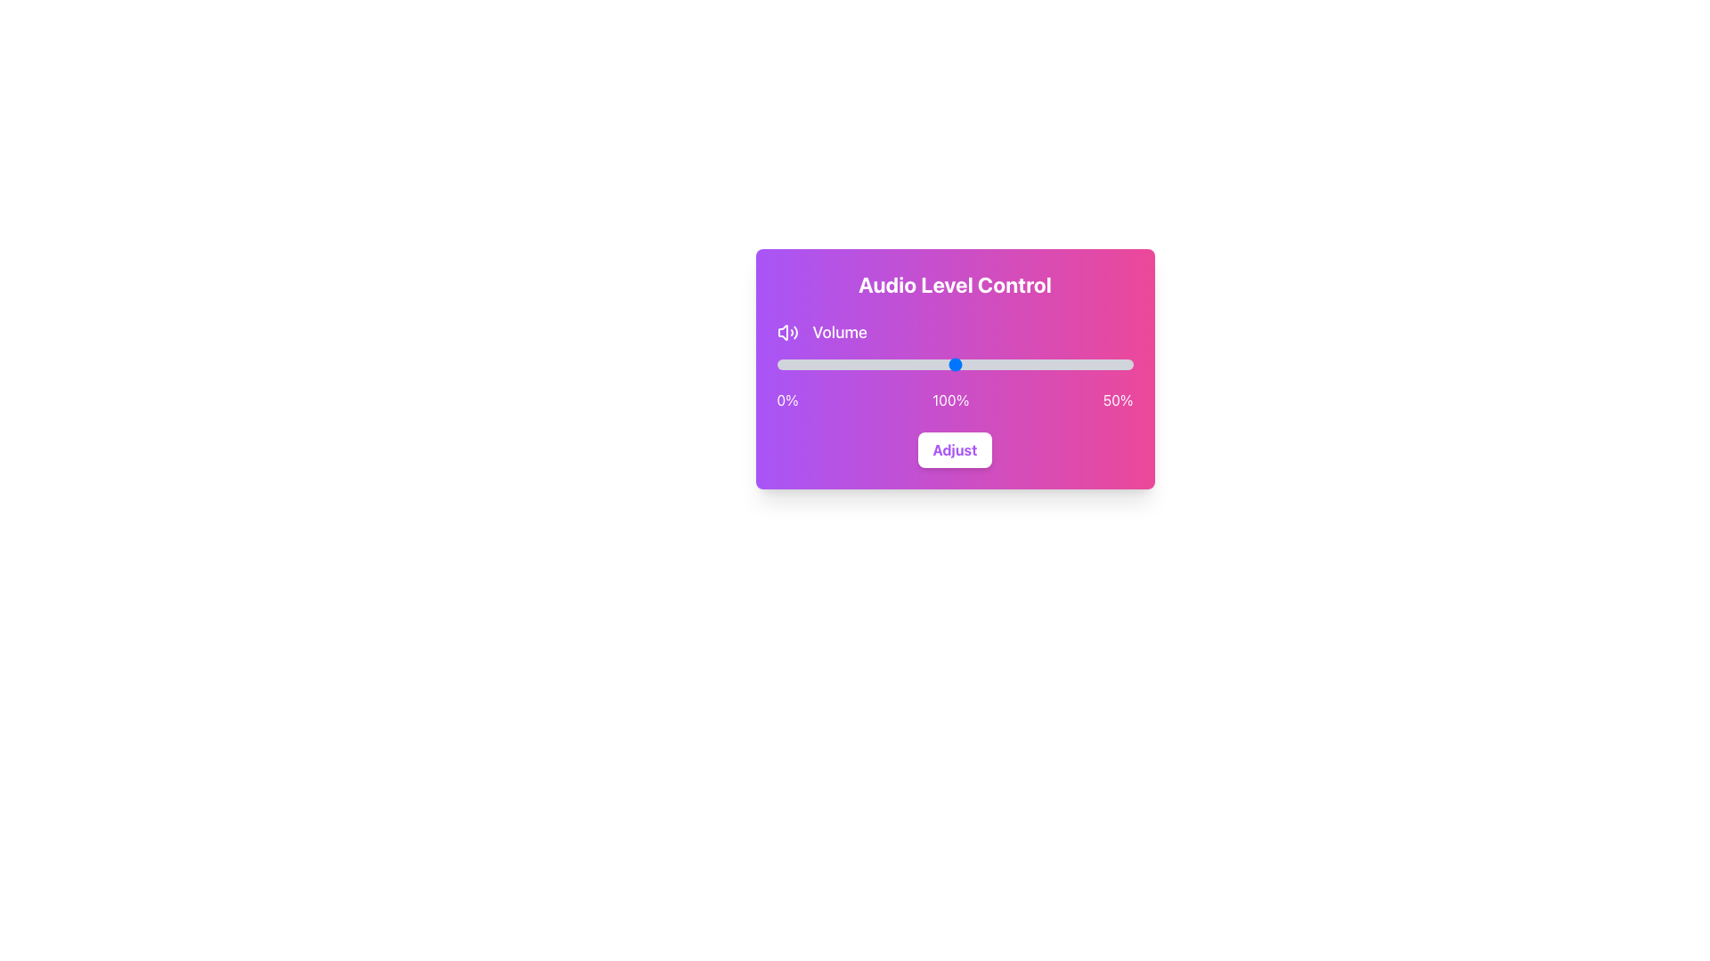 This screenshot has width=1710, height=961. Describe the element at coordinates (782, 333) in the screenshot. I see `the decorative volume icon graphic, which is the first segment of the volume control widget located to the left of the 'Volume' label in the audio control card` at that location.